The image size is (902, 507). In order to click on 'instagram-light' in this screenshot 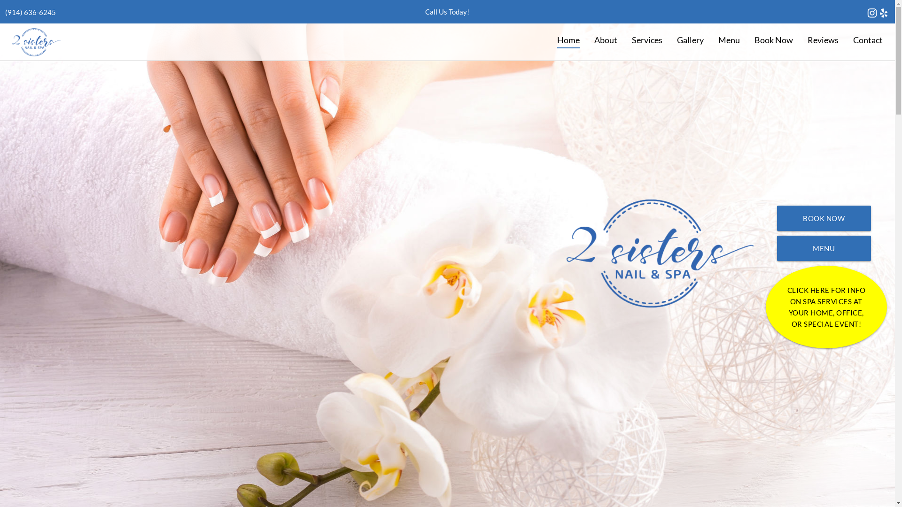, I will do `click(871, 13)`.